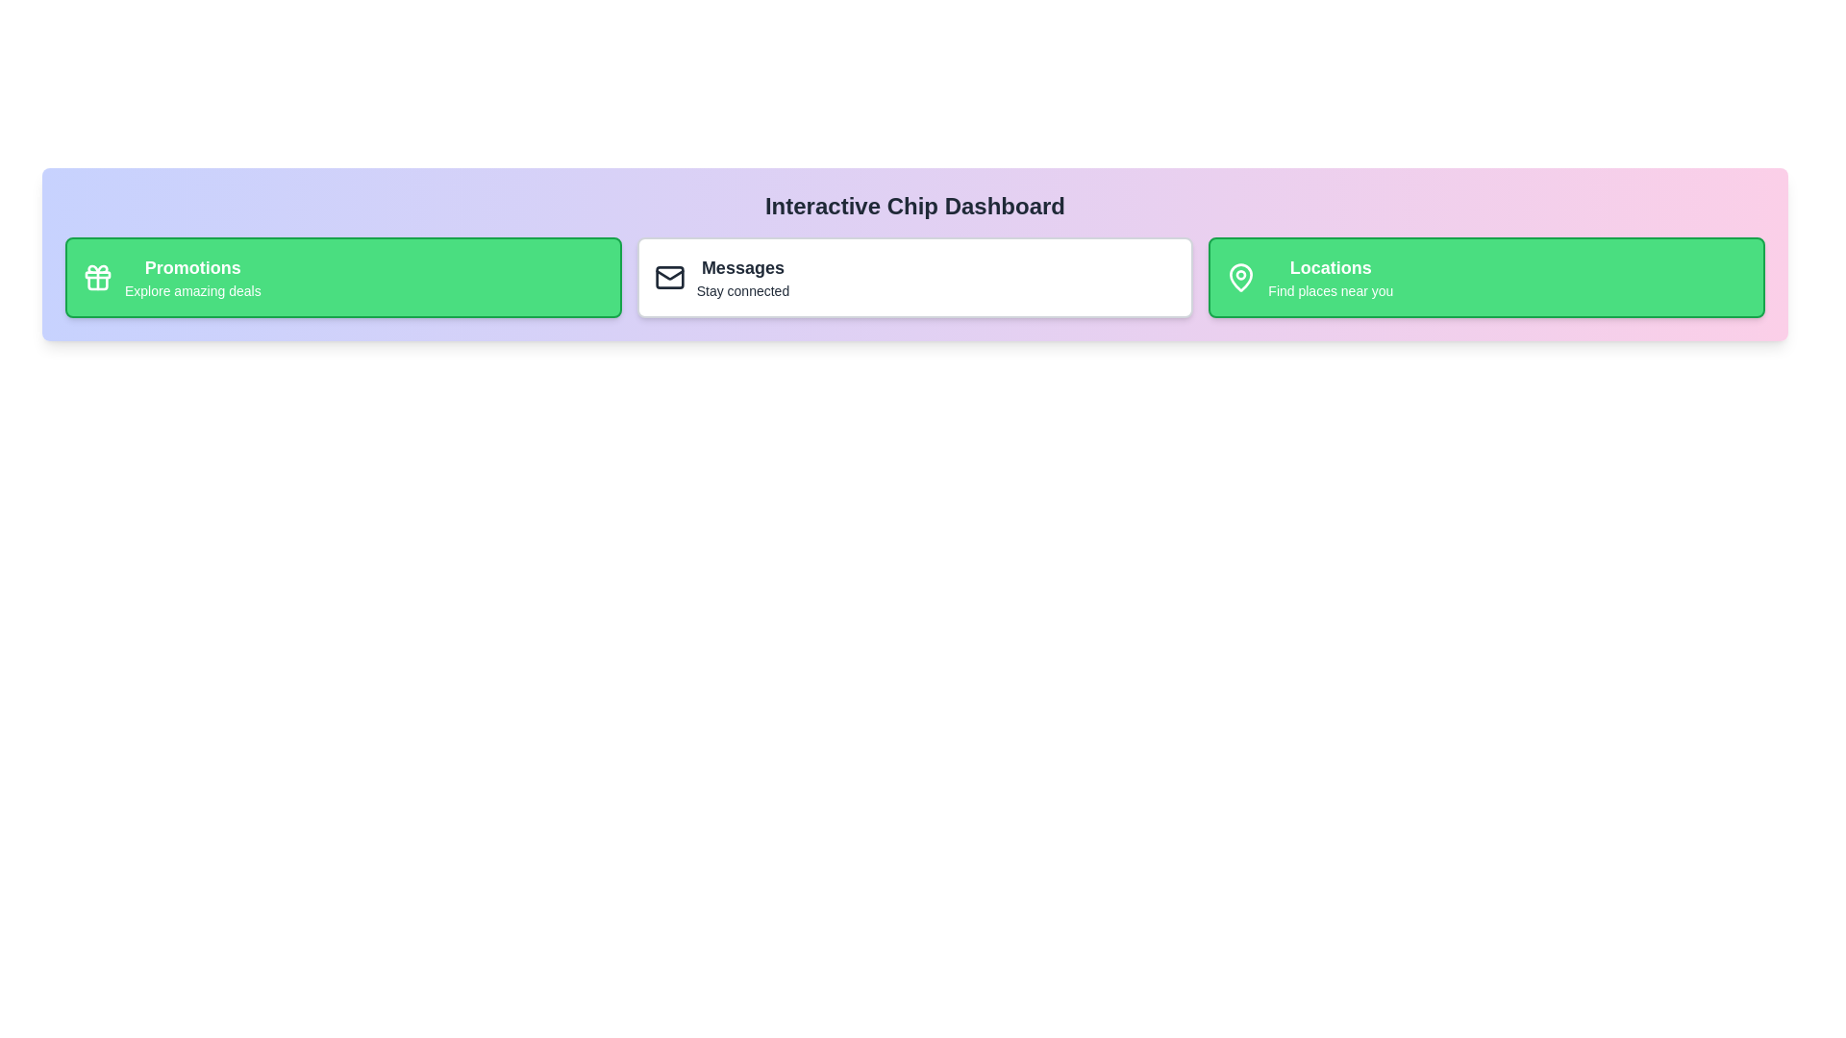 This screenshot has width=1846, height=1038. Describe the element at coordinates (913, 278) in the screenshot. I see `the chip labeled Messages` at that location.